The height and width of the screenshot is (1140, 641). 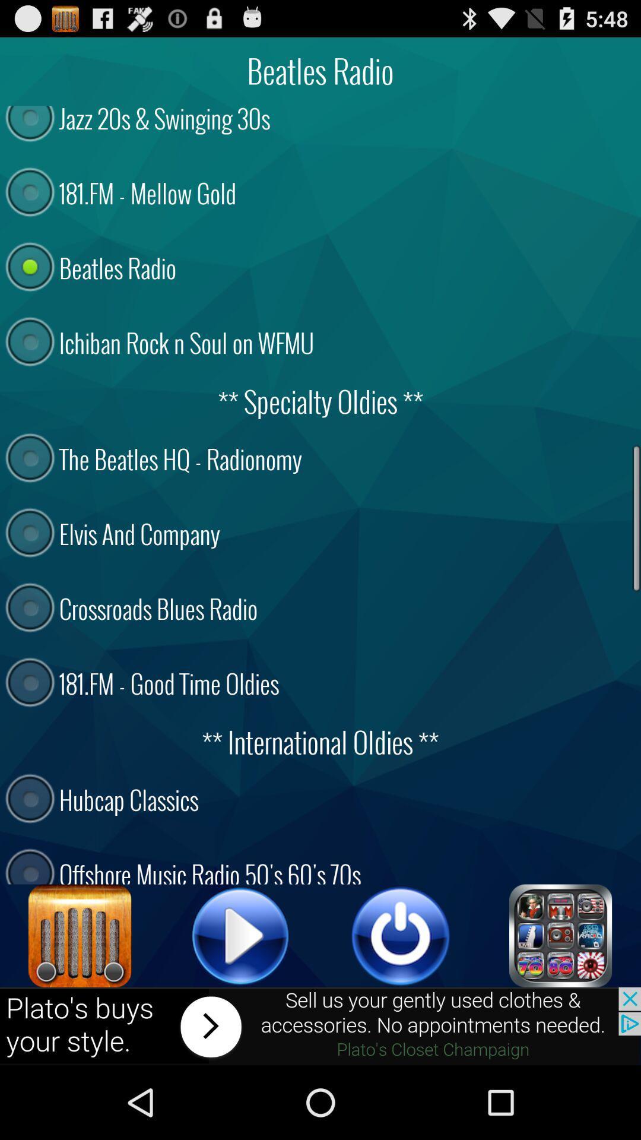 What do you see at coordinates (561, 935) in the screenshot?
I see `games` at bounding box center [561, 935].